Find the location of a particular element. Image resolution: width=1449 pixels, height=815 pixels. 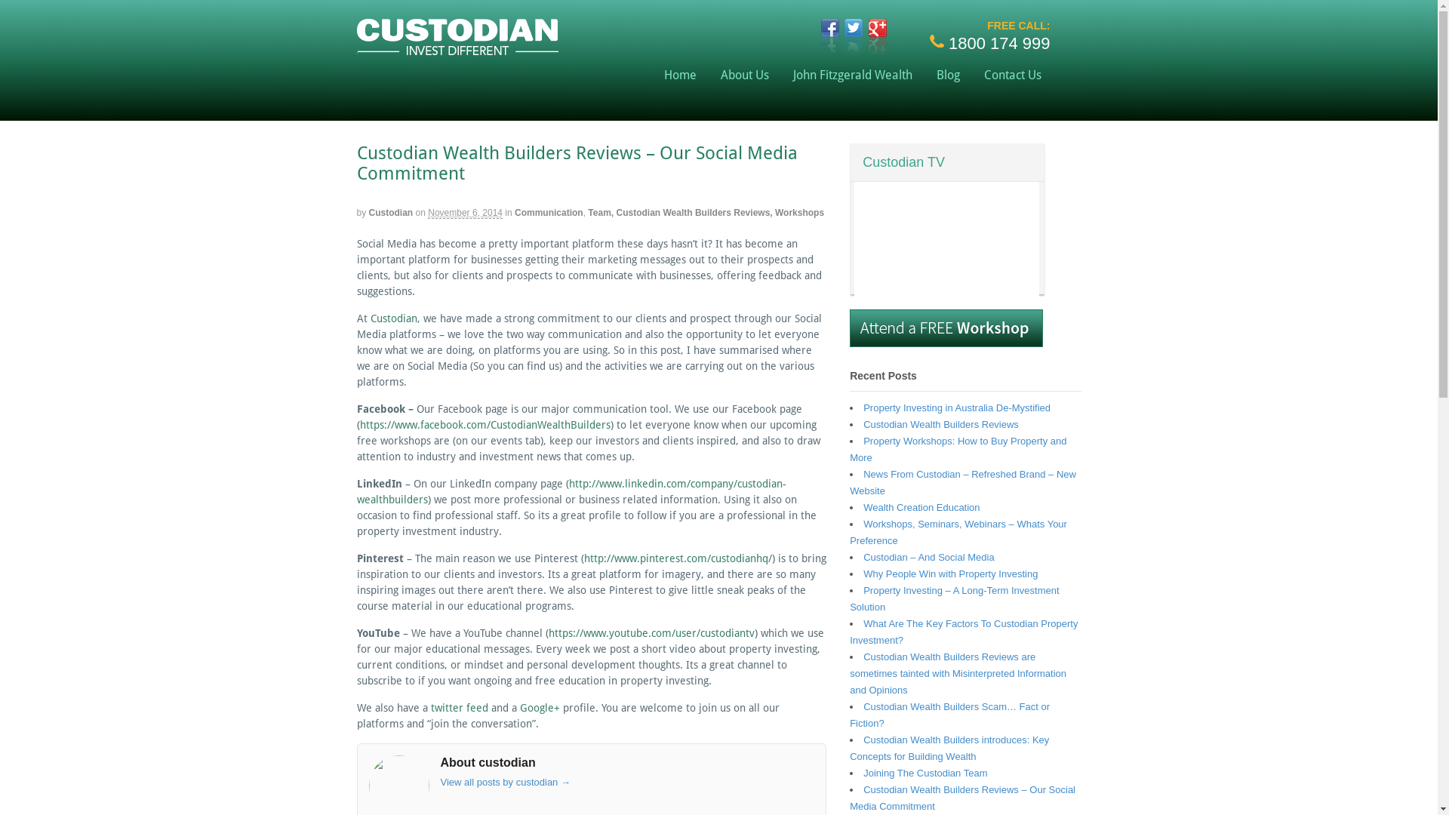

'Custodian' is located at coordinates (369, 212).